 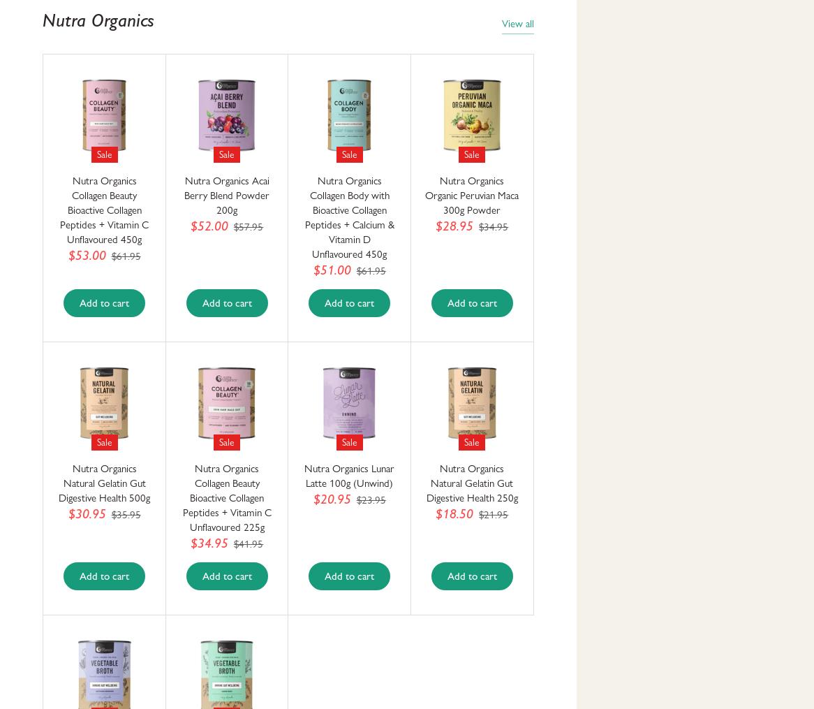 I want to click on '$57.95', so click(x=248, y=226).